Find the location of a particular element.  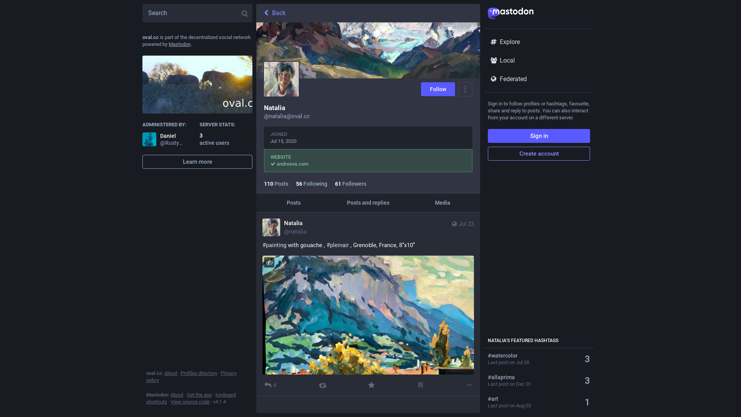

'110 Posts' is located at coordinates (276, 183).